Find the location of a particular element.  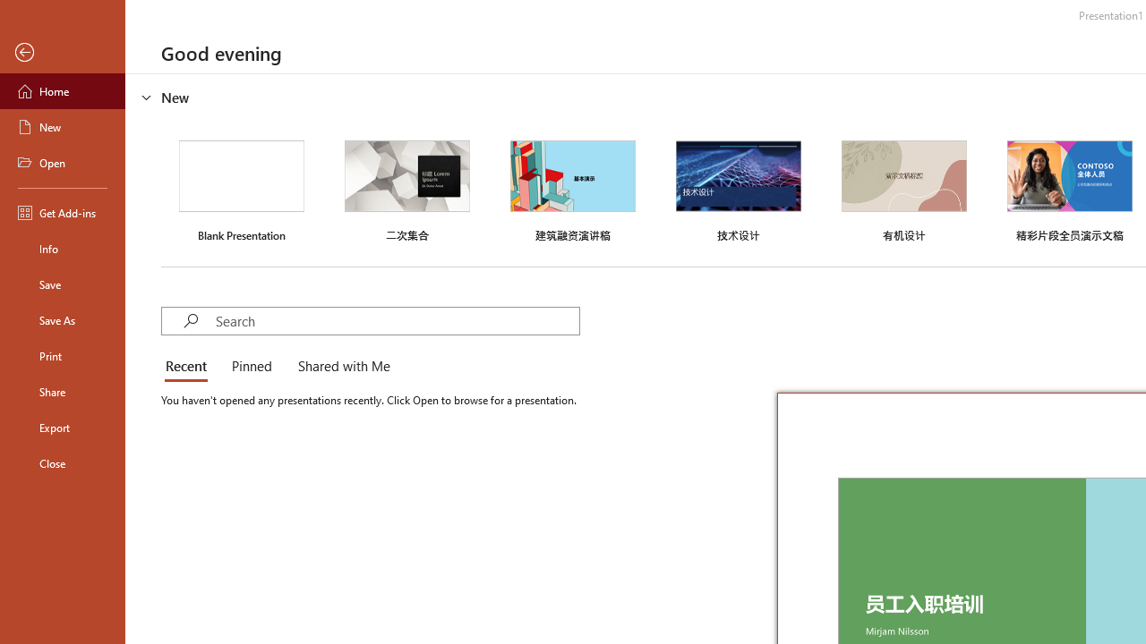

'Shared with Me' is located at coordinates (340, 367).